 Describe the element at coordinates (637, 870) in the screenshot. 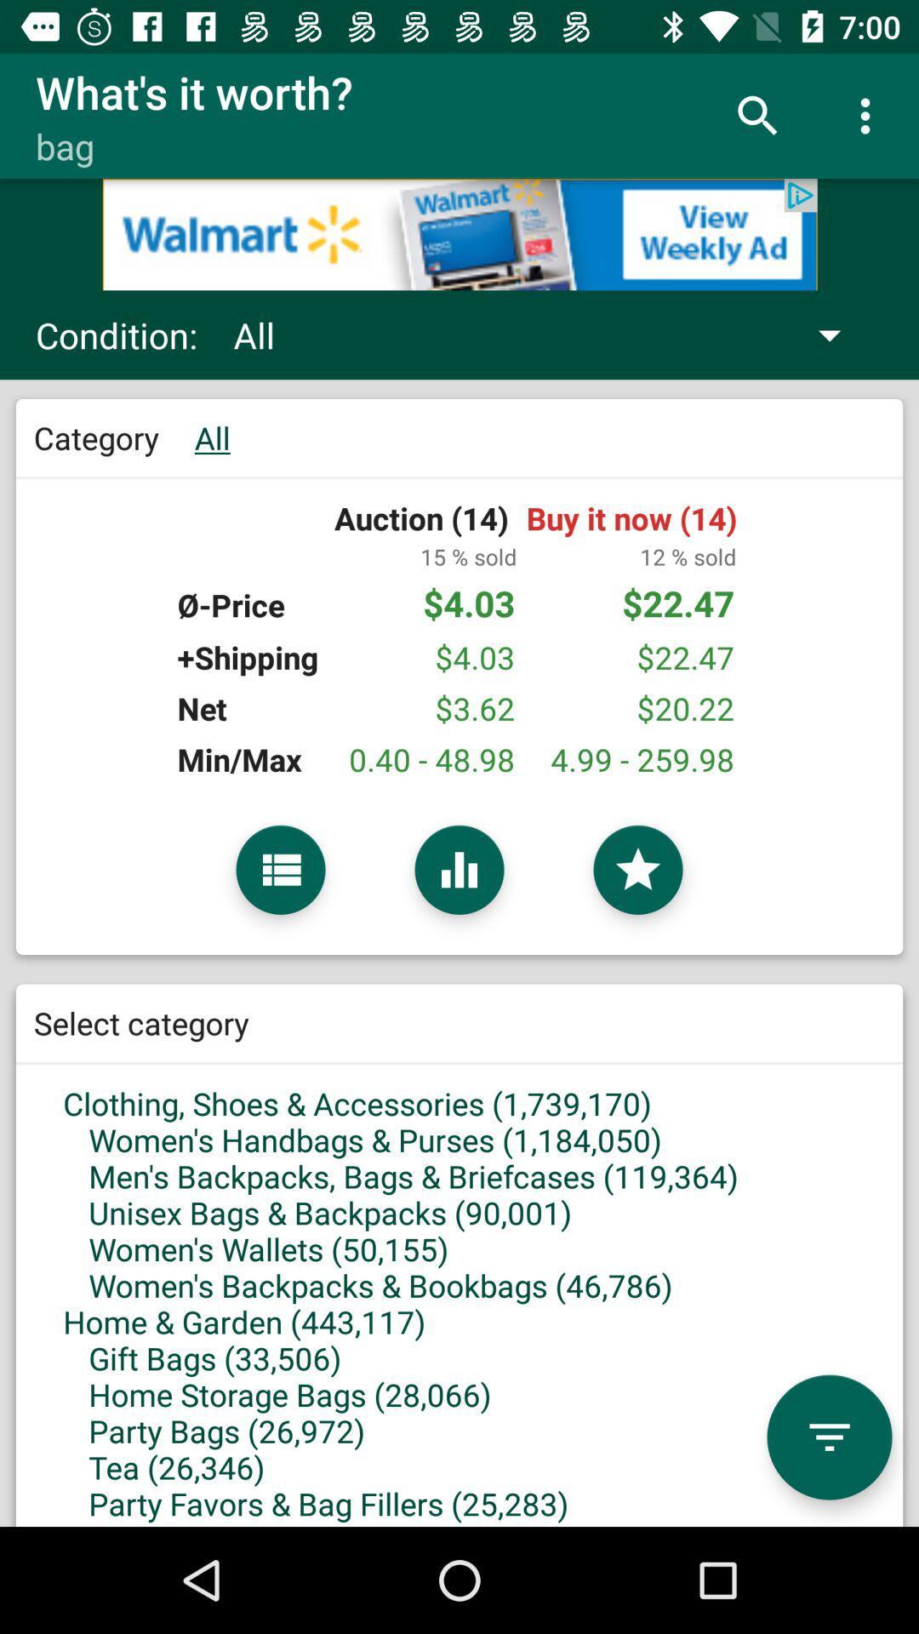

I see `selection` at that location.